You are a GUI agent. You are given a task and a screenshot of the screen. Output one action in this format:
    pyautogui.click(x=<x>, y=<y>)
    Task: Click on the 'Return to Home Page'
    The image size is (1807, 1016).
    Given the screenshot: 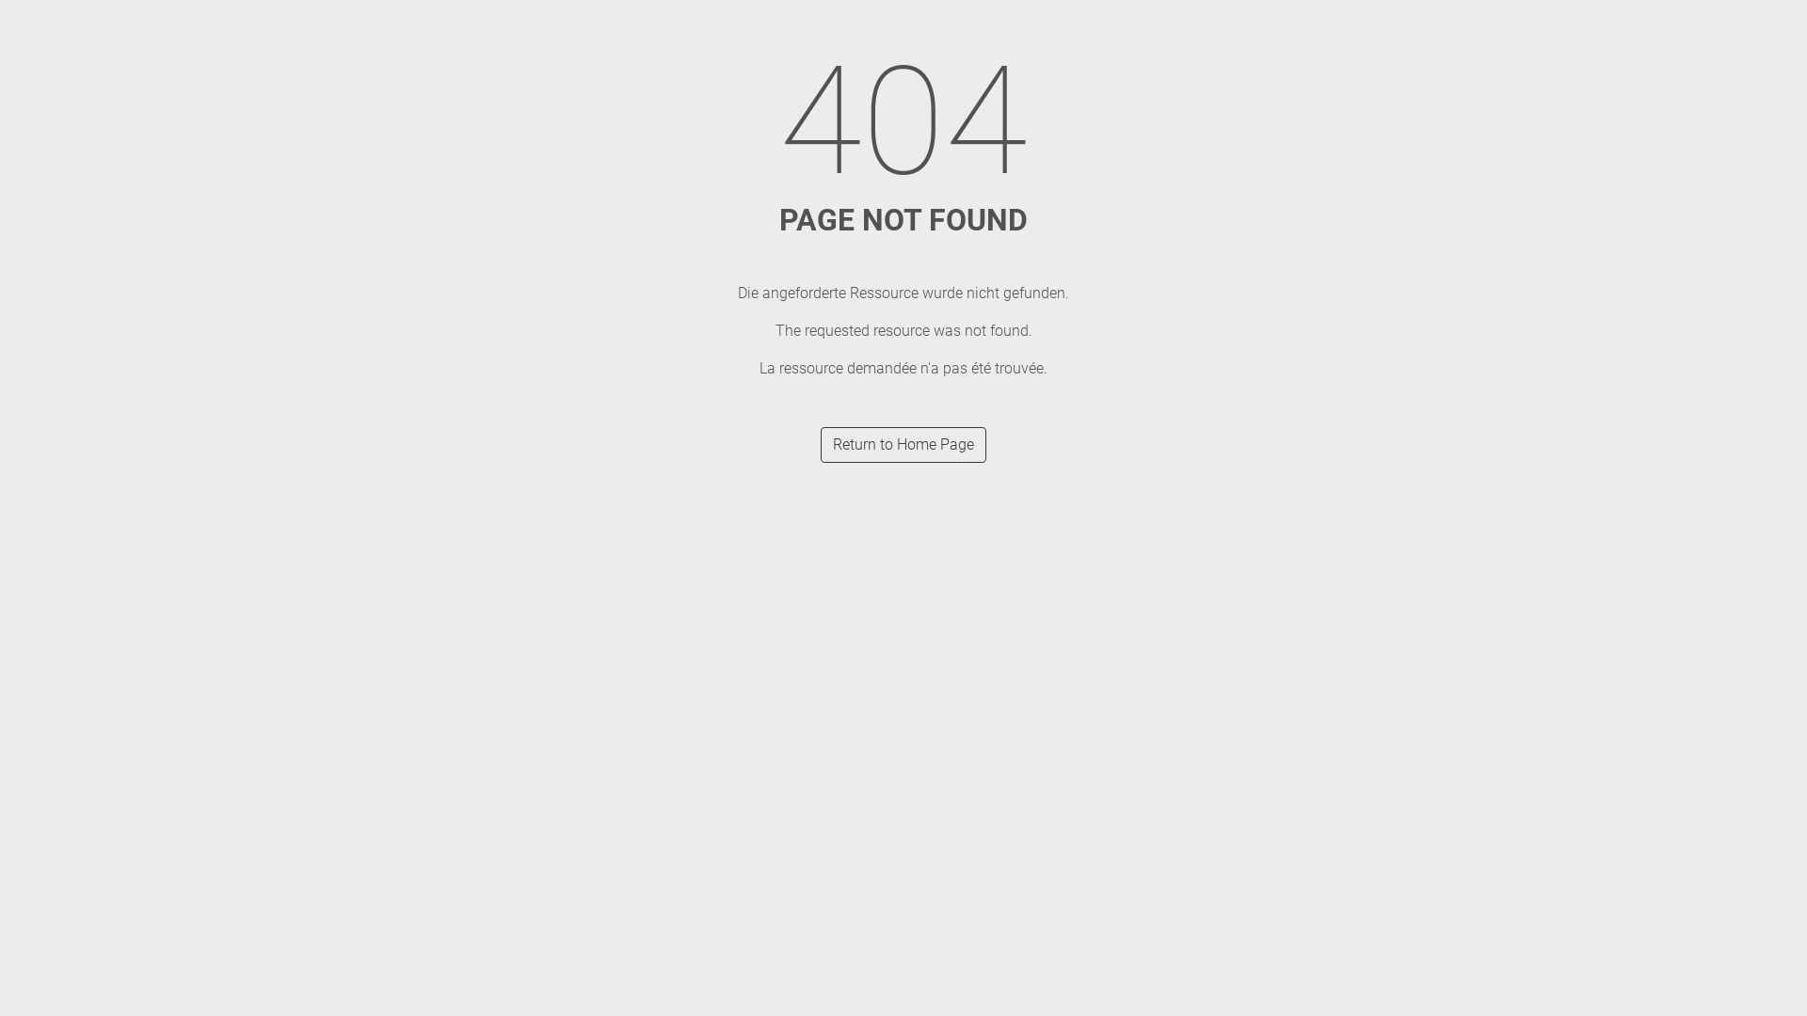 What is the action you would take?
    pyautogui.click(x=821, y=445)
    